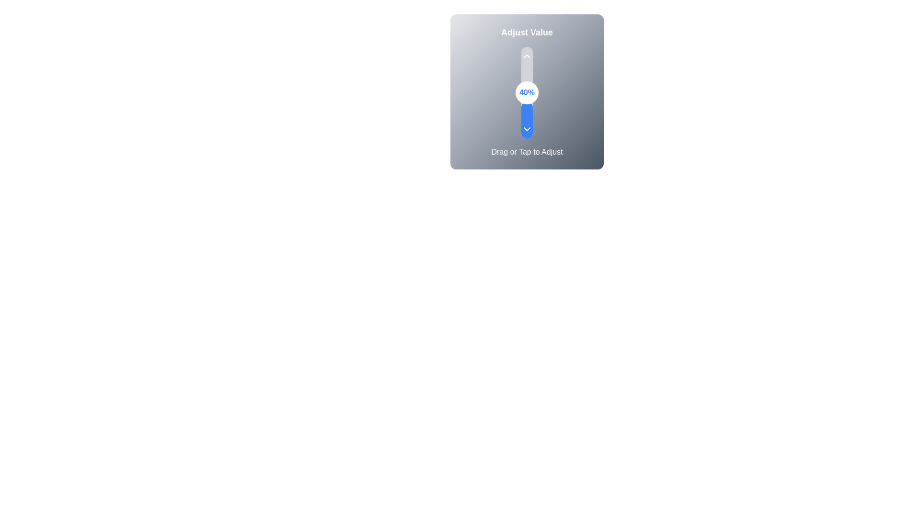  What do you see at coordinates (526, 92) in the screenshot?
I see `the Interactive Slider element, which is vertically oriented with a gradient background and features a handle labeled '40%', positioned below the label 'Adjust Value'` at bounding box center [526, 92].